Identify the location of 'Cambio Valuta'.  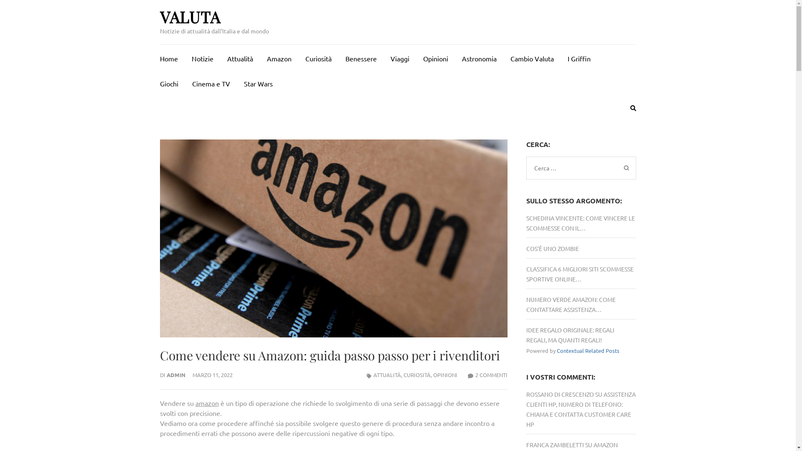
(531, 57).